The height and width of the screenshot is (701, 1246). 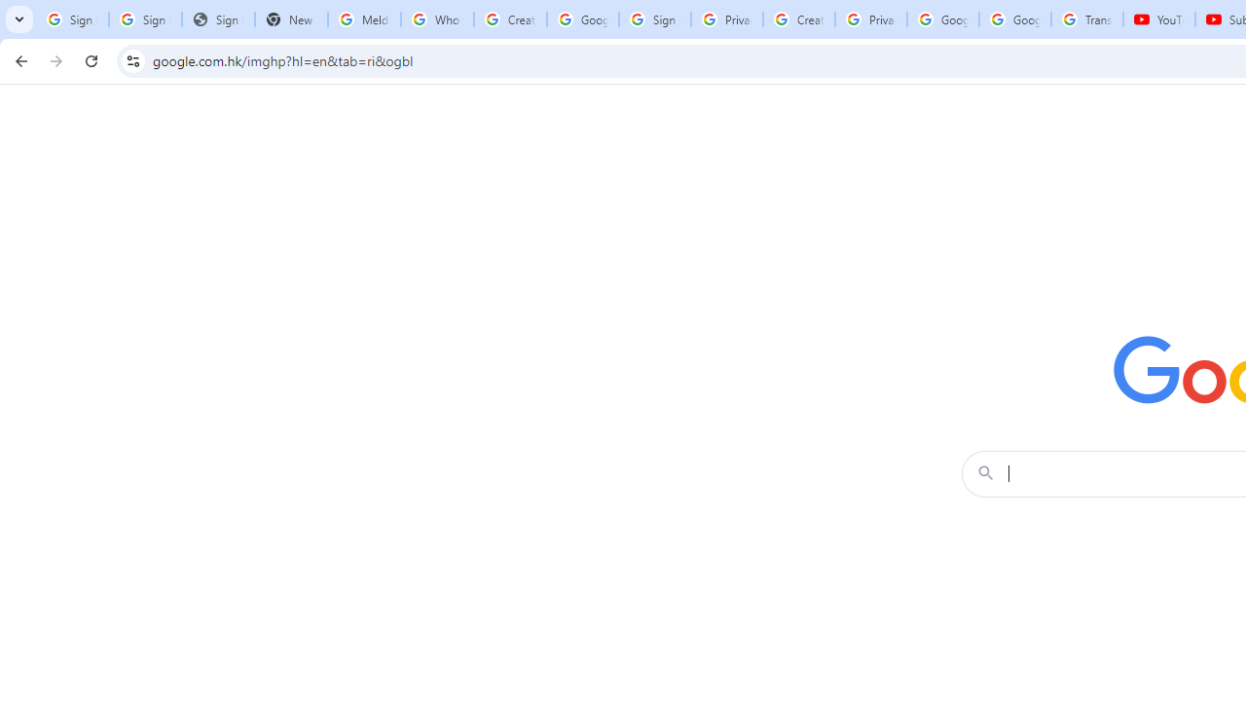 I want to click on 'Sign in - Google Accounts', so click(x=655, y=19).